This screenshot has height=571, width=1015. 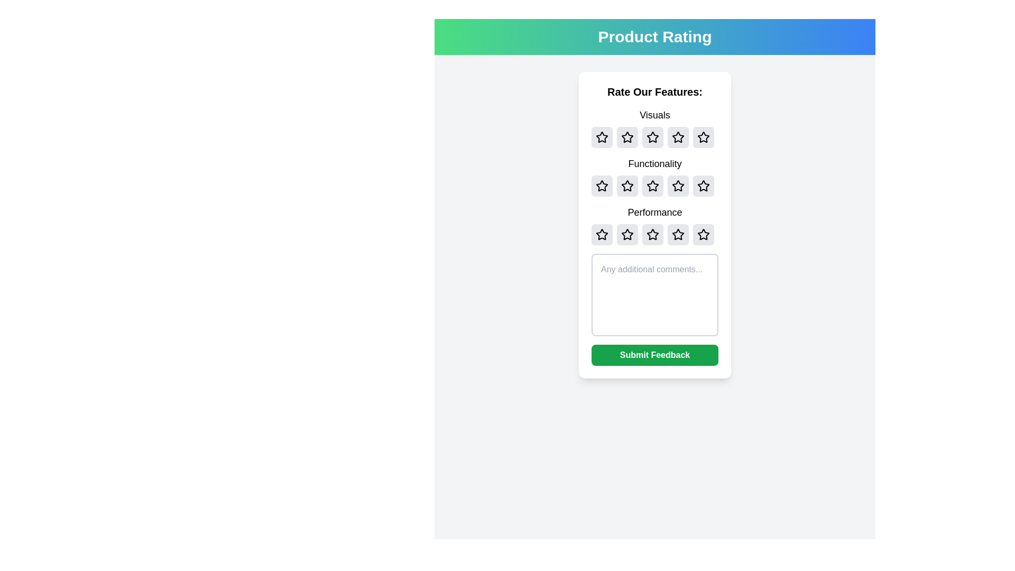 What do you see at coordinates (627, 234) in the screenshot?
I see `the second clickable button with a light gray background and a star icon containing the number '2'` at bounding box center [627, 234].